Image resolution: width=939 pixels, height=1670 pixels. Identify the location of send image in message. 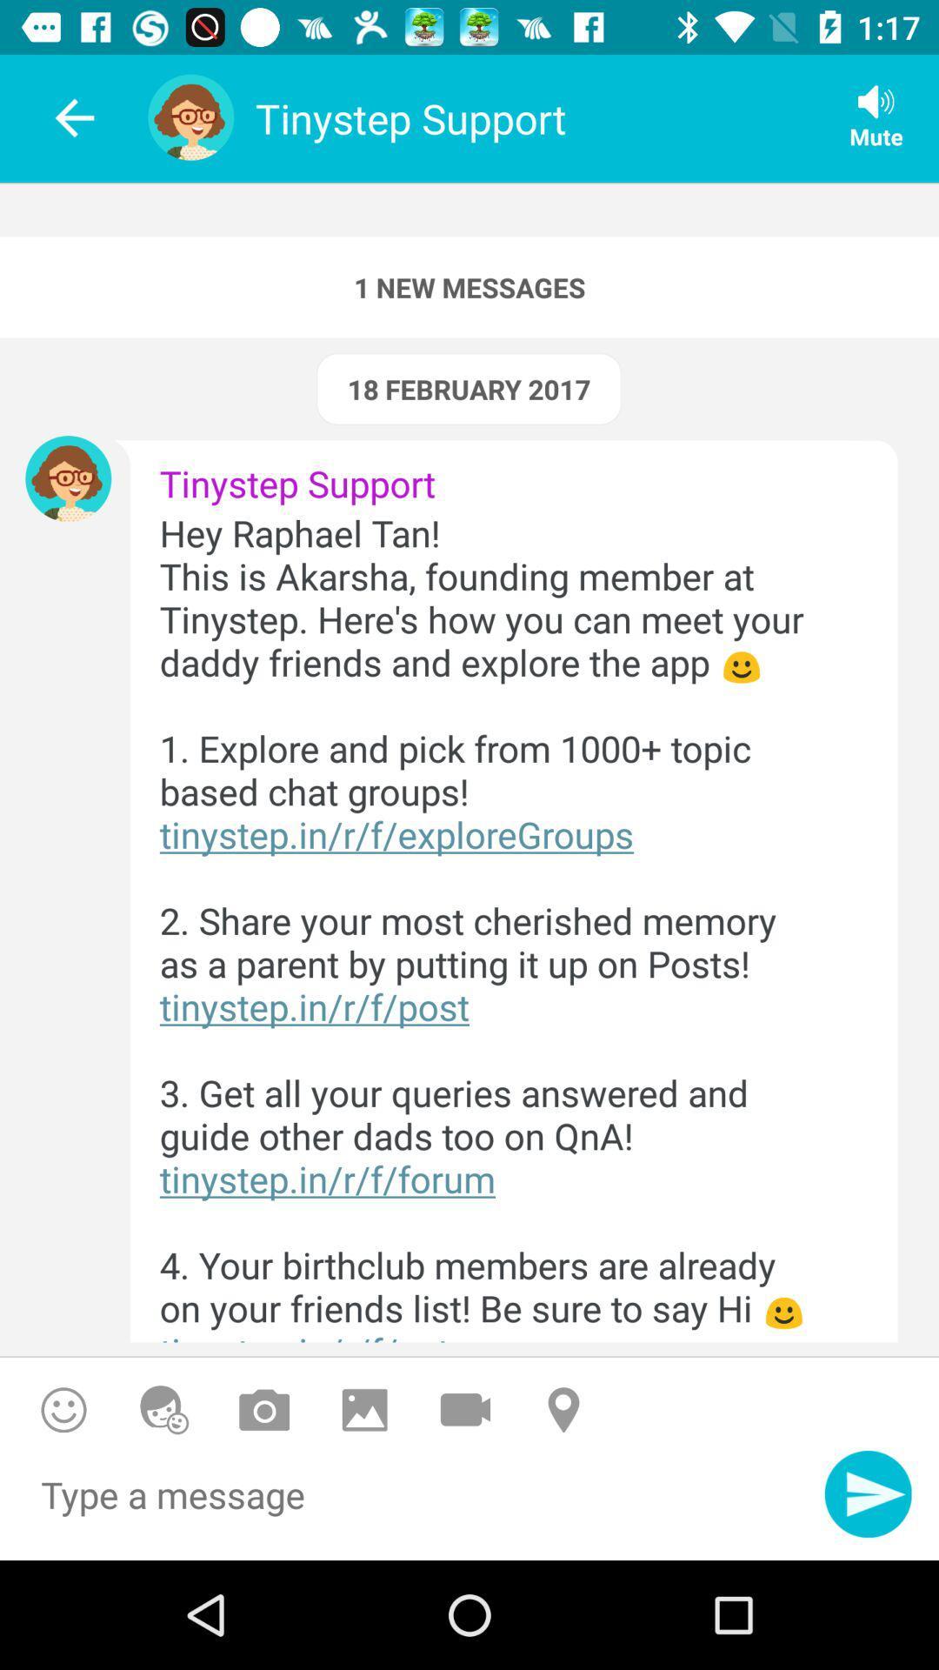
(364, 1410).